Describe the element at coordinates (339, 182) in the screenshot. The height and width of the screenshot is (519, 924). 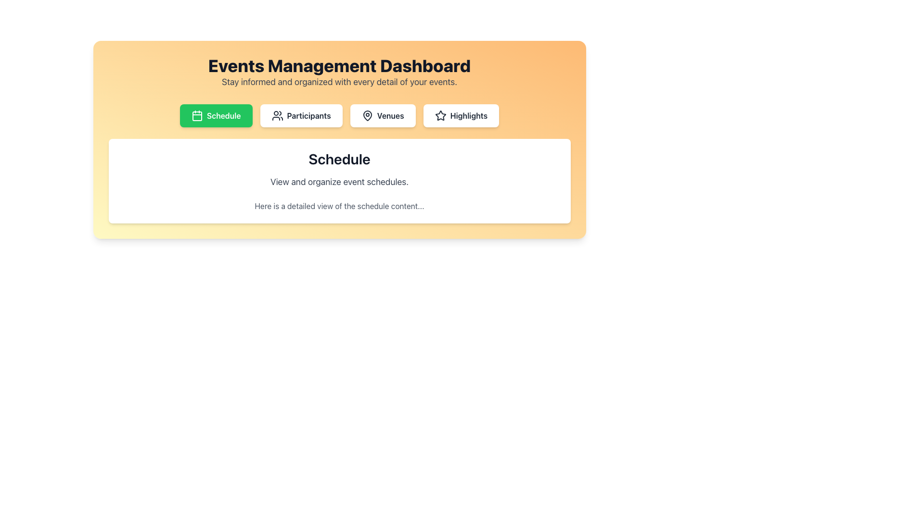
I see `the text label that reads 'View and organize event schedules.' which is positioned within a card below the 'Schedule' heading and above the detailed schedule content` at that location.